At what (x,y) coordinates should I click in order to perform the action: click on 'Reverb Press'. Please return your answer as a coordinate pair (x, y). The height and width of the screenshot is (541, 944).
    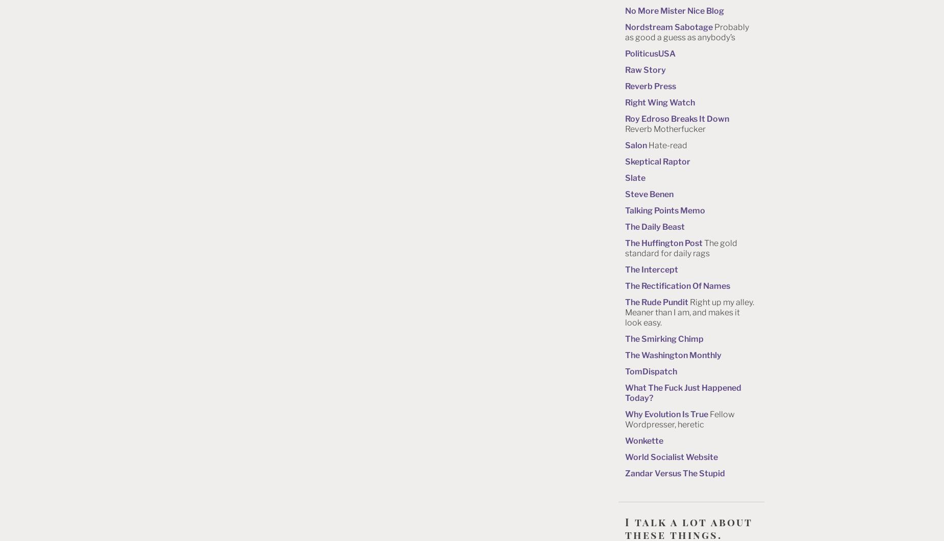
    Looking at the image, I should click on (650, 86).